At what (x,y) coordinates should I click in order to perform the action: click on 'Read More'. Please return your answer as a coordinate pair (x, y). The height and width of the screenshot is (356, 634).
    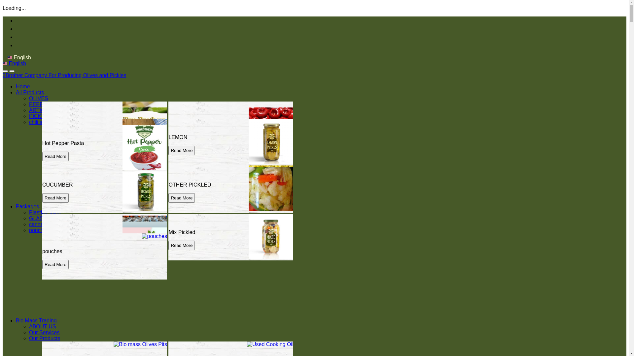
    Looking at the image, I should click on (182, 197).